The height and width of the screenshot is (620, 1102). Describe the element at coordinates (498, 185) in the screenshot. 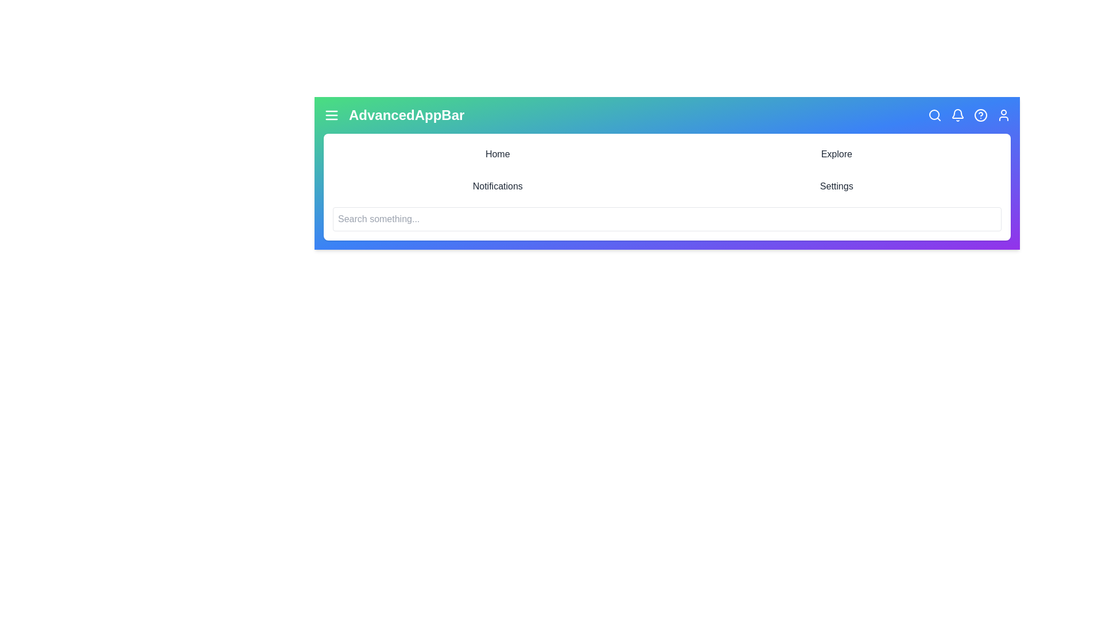

I see `the menu item Notifications to navigate to the corresponding section` at that location.